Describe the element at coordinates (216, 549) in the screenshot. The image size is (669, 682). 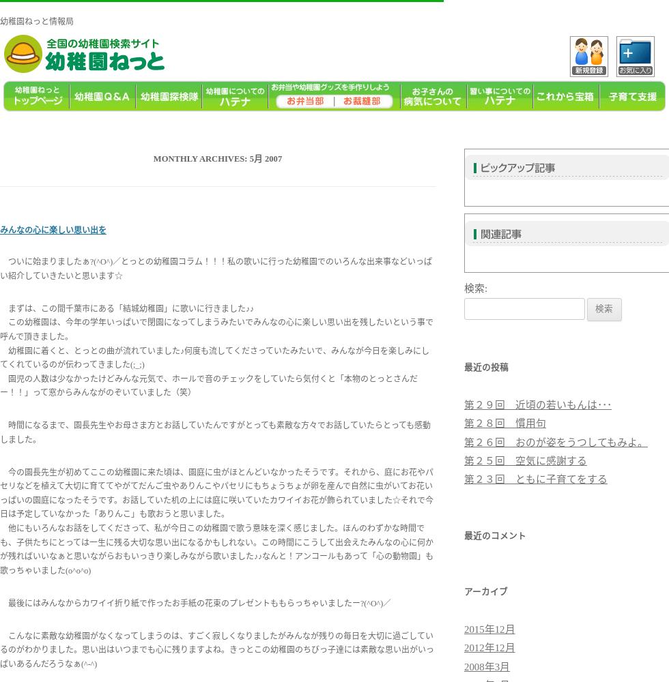
I see `'他にもいろんなお話をしてくださって、私が今日この幼稚園で歌う意味を深く感じました。ほんのわずかな時間でも、子供たちにとっては一生に残る大切な思い出になるかもしれない。この時間にこうして出会えたみんなの心に何かが残ればいいなぁと思いながらおもいっきり楽しみながら歌いました♪♪なんと！アンコールもあって「心の動物園」も歌っちゃいました(o^o^o)'` at that location.